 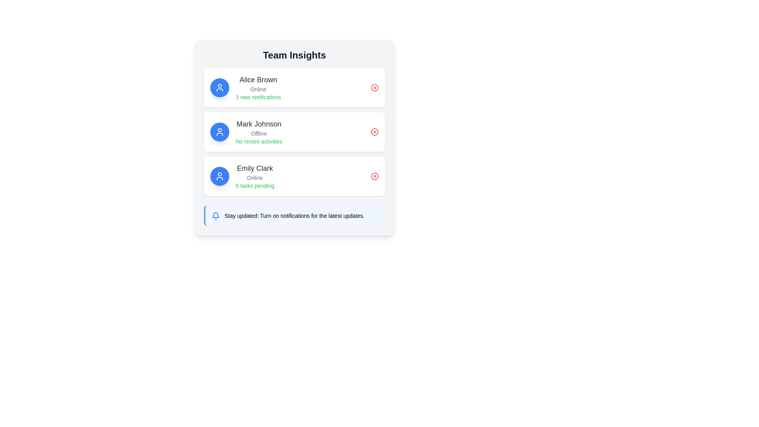 What do you see at coordinates (255, 178) in the screenshot?
I see `the text label displaying 'Online' in gray font, located below 'Emily Clark' and above '5 tasks pending' in the 'Team Insights' section` at bounding box center [255, 178].